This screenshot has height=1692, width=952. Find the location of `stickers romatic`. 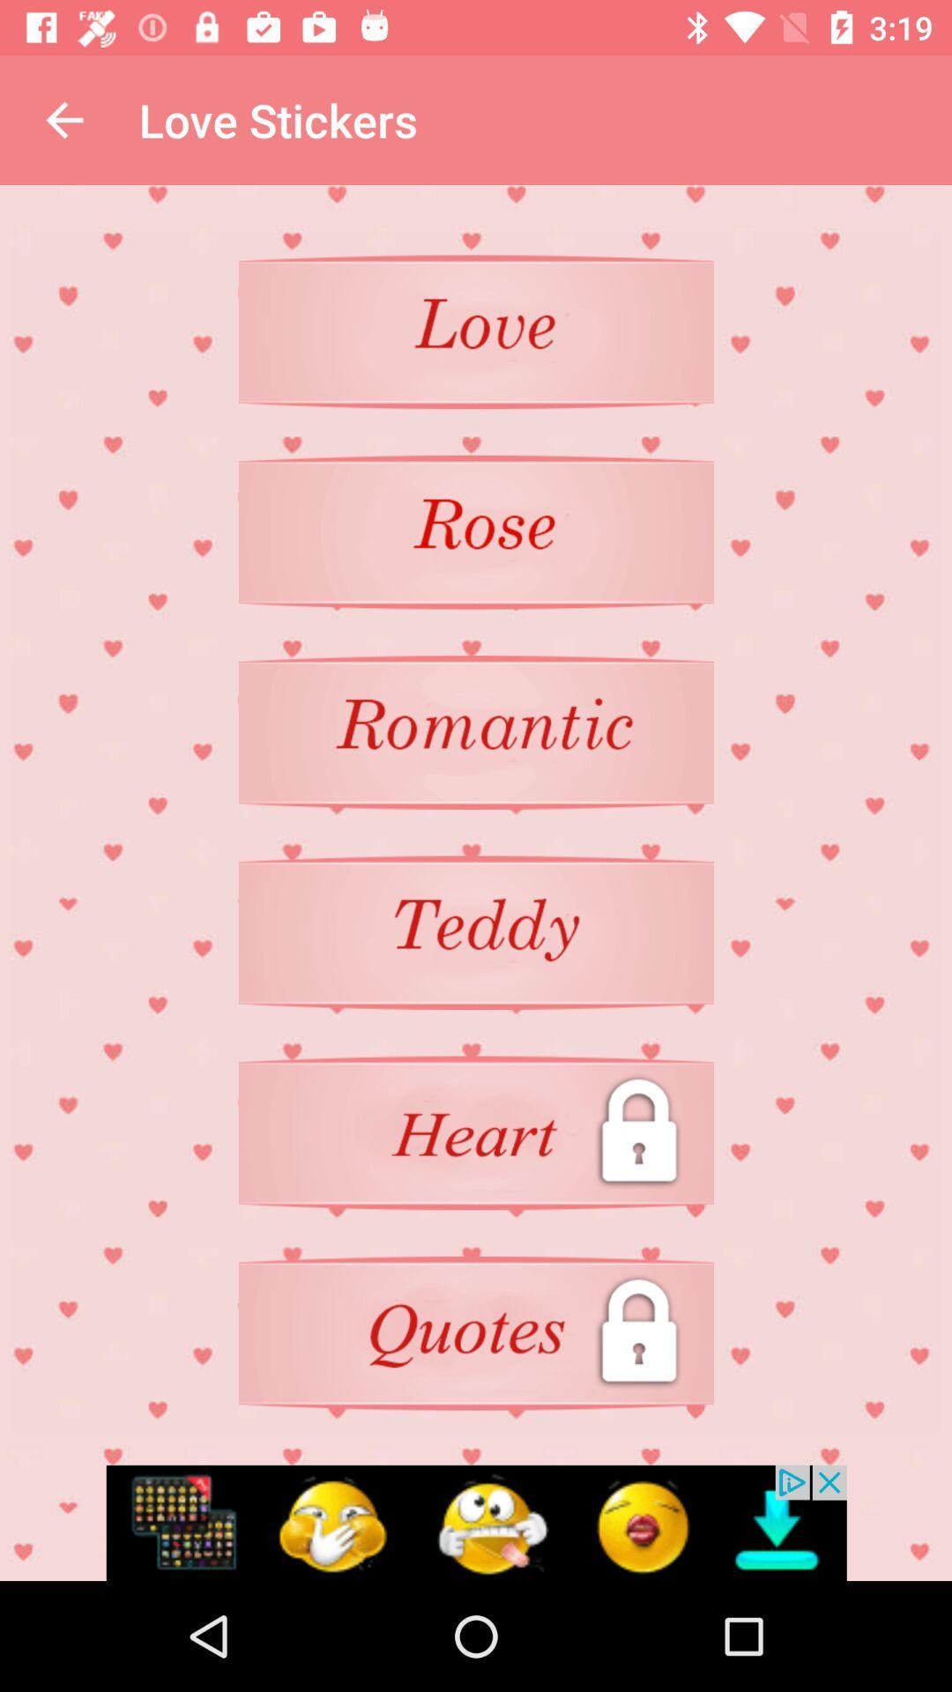

stickers romatic is located at coordinates (476, 732).